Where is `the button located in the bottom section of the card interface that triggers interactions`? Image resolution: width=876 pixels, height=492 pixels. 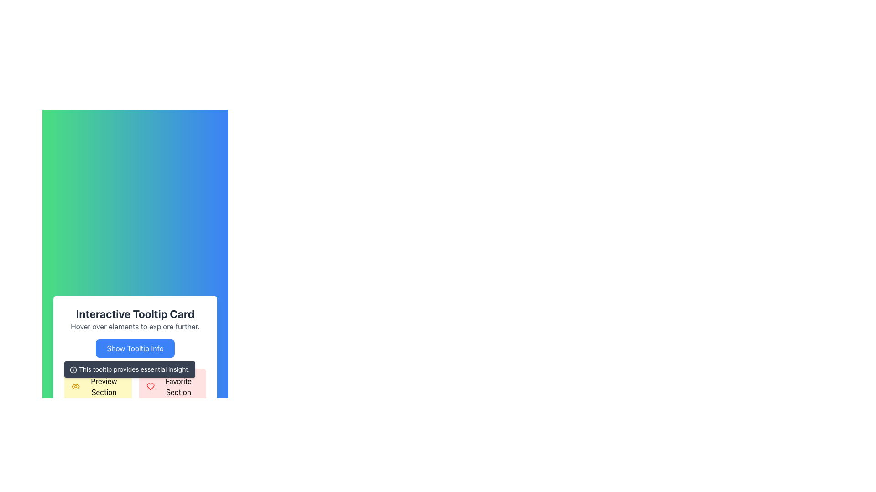 the button located in the bottom section of the card interface that triggers interactions is located at coordinates (135, 348).